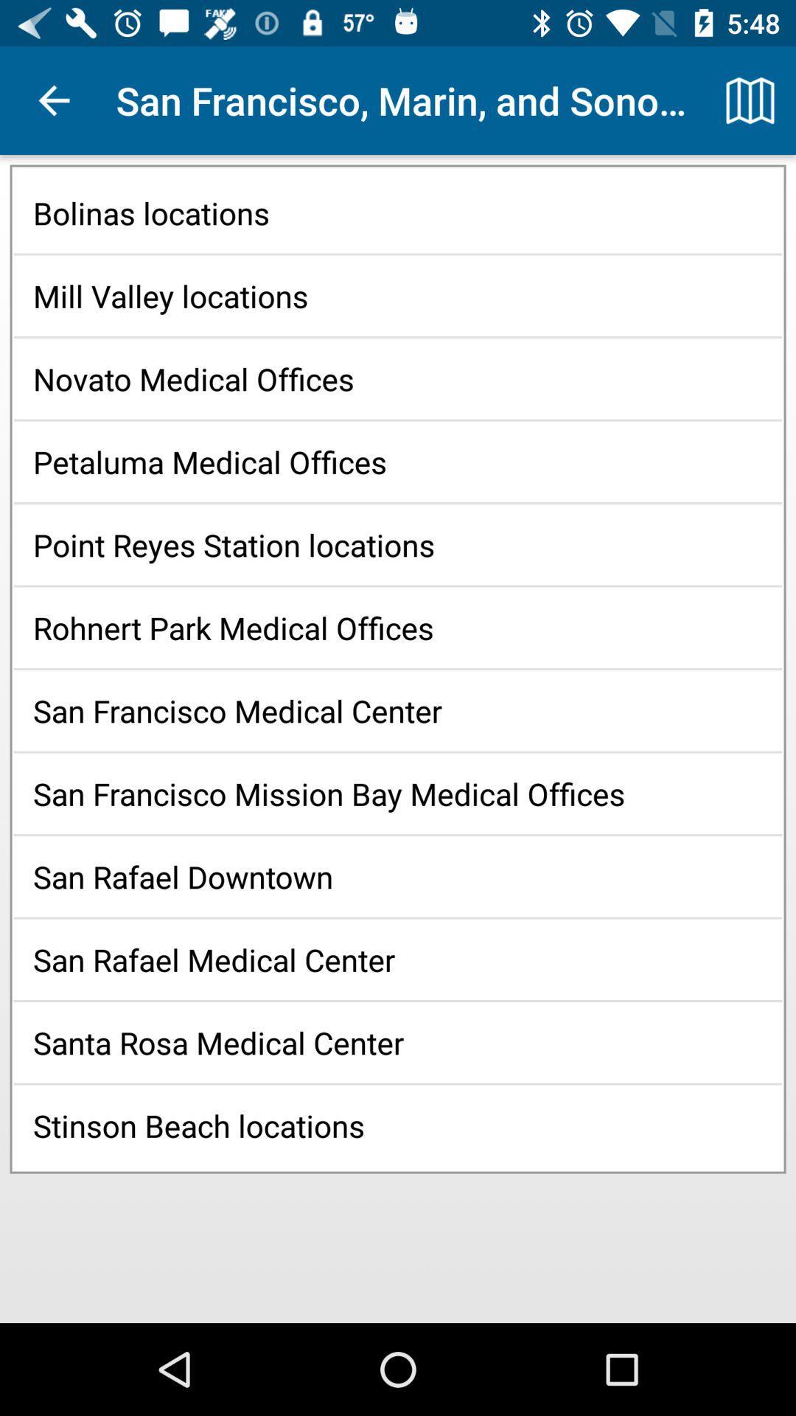 The image size is (796, 1416). What do you see at coordinates (398, 544) in the screenshot?
I see `the icon above rohnert park medical` at bounding box center [398, 544].